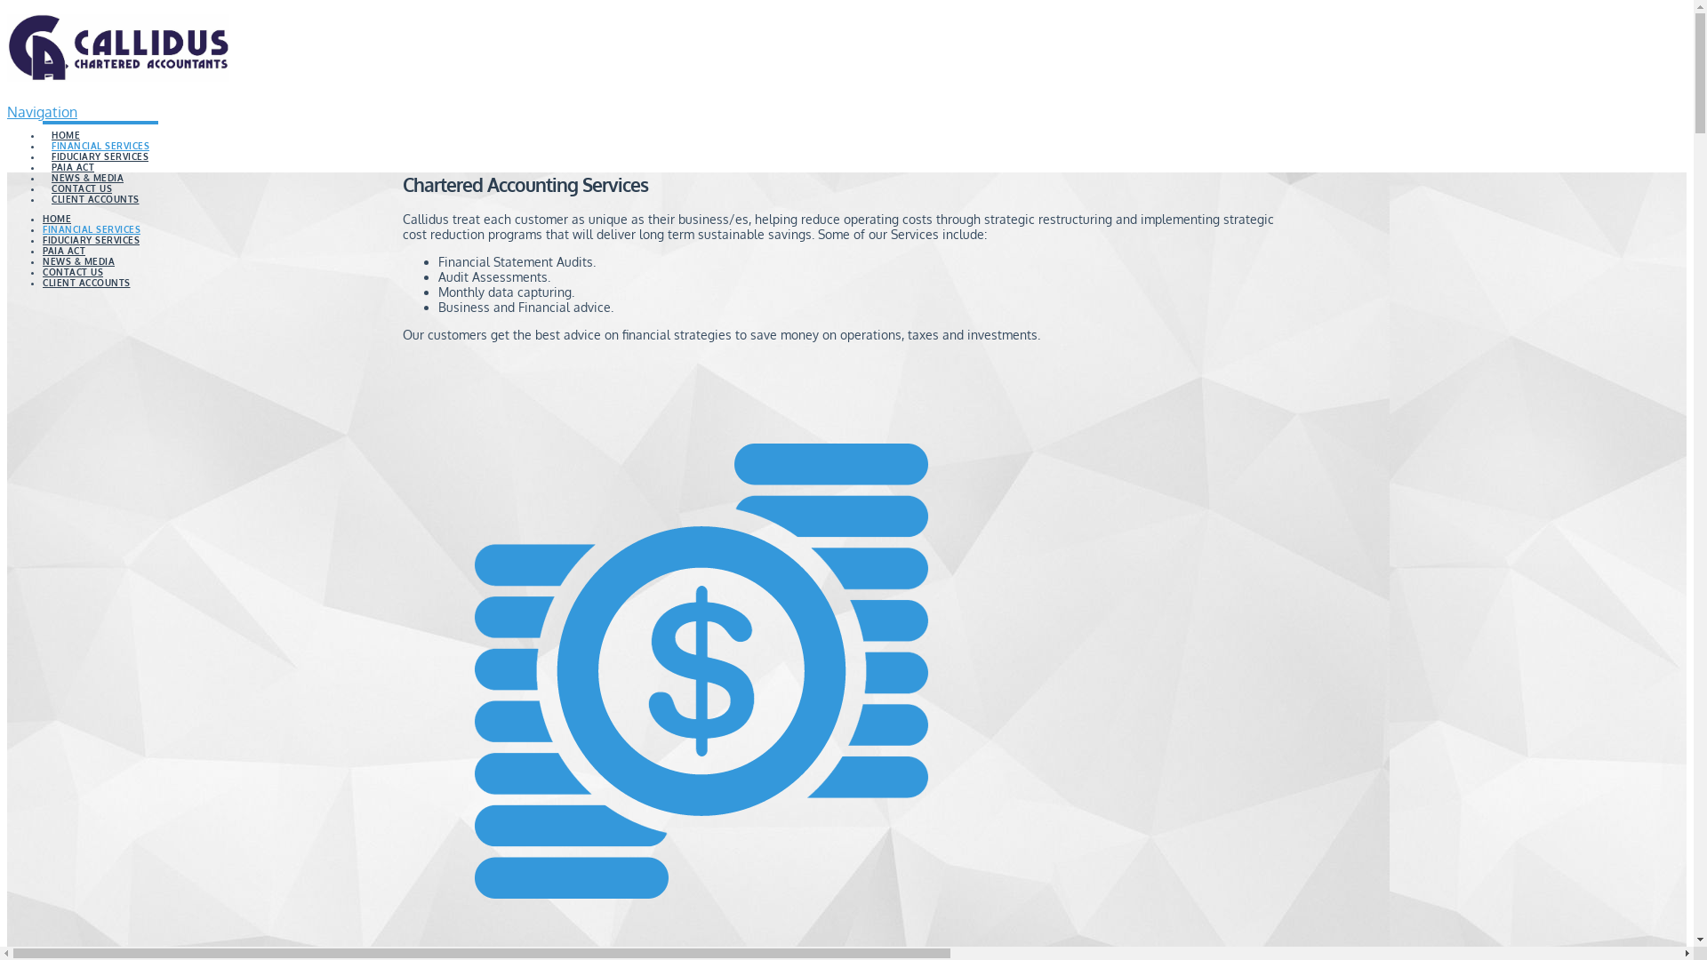  Describe the element at coordinates (90, 228) in the screenshot. I see `'FINANCIAL SERVICES'` at that location.